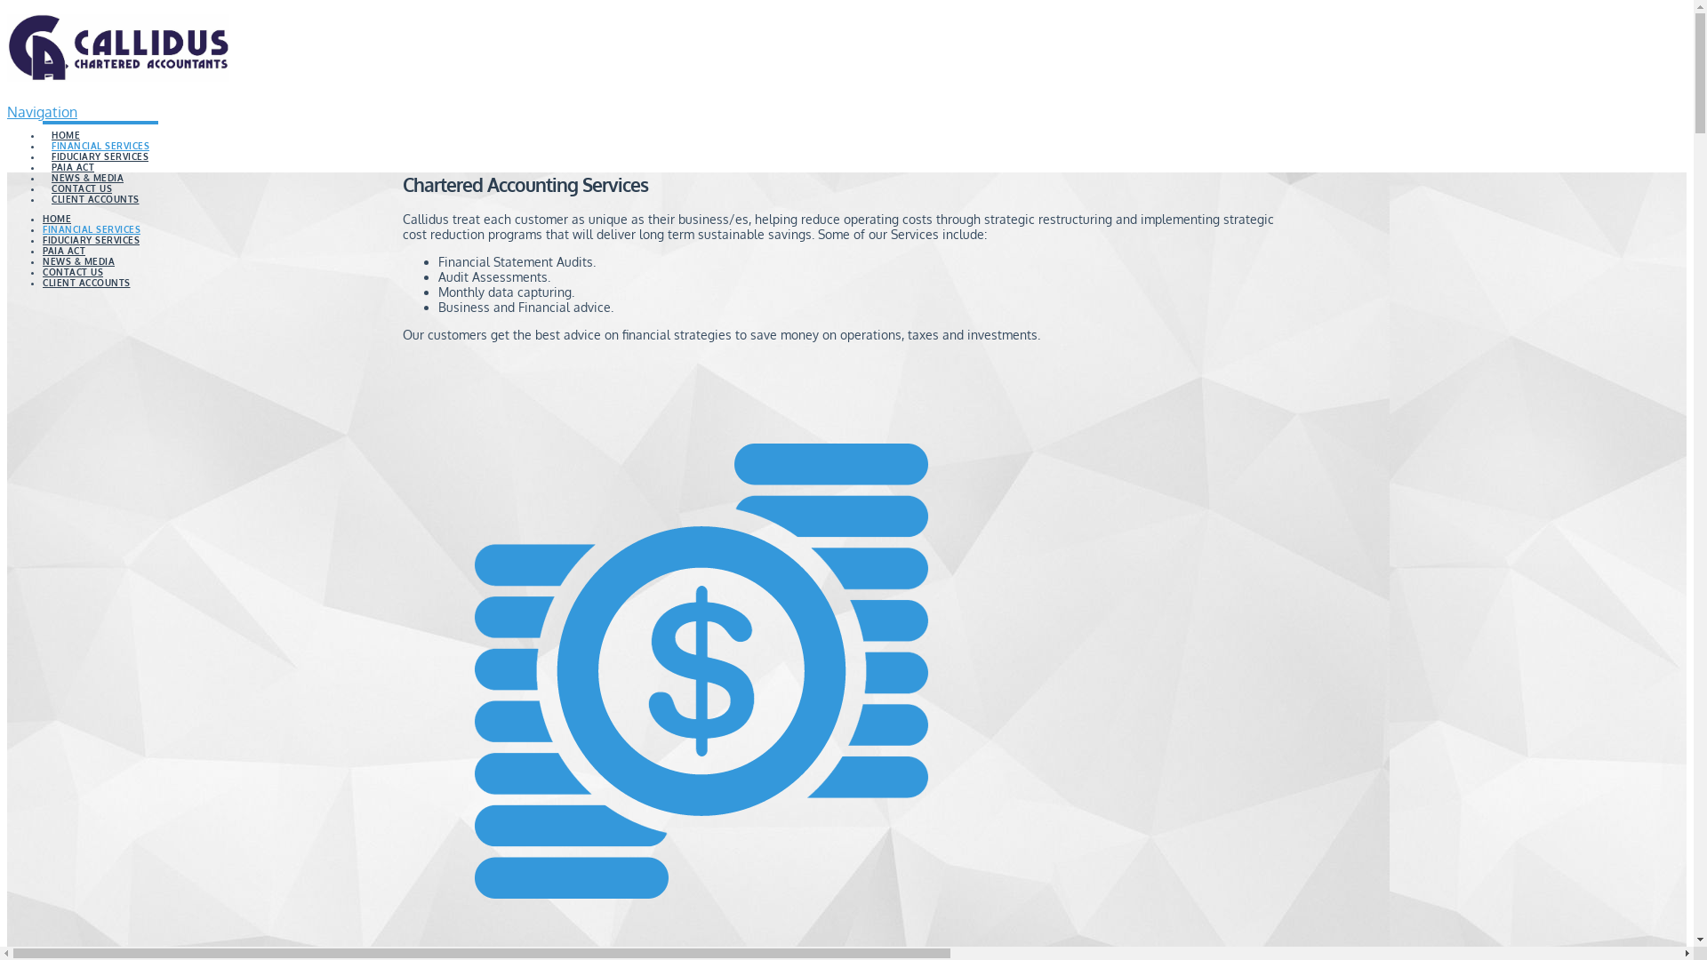  Describe the element at coordinates (90, 228) in the screenshot. I see `'FINANCIAL SERVICES'` at that location.